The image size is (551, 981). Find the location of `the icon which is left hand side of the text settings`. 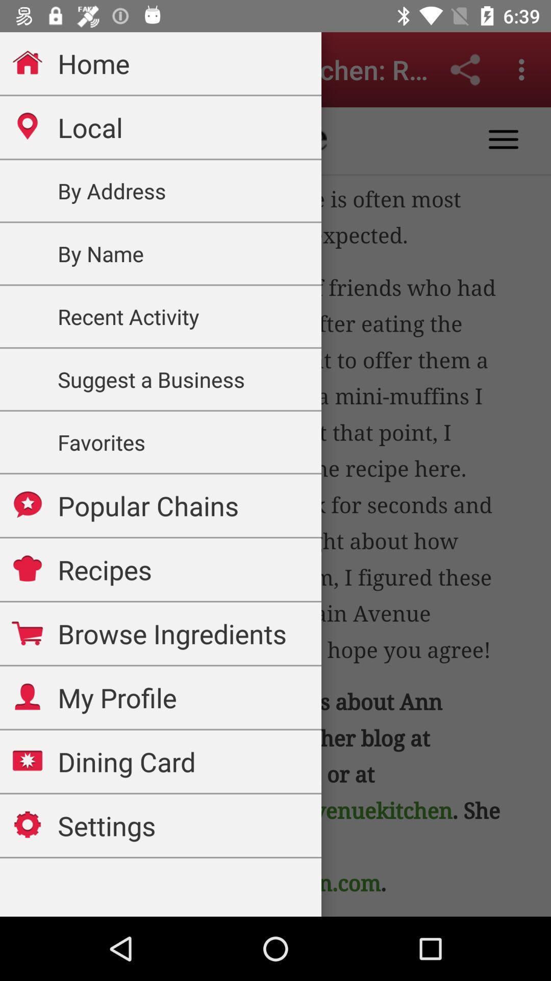

the icon which is left hand side of the text settings is located at coordinates (27, 824).